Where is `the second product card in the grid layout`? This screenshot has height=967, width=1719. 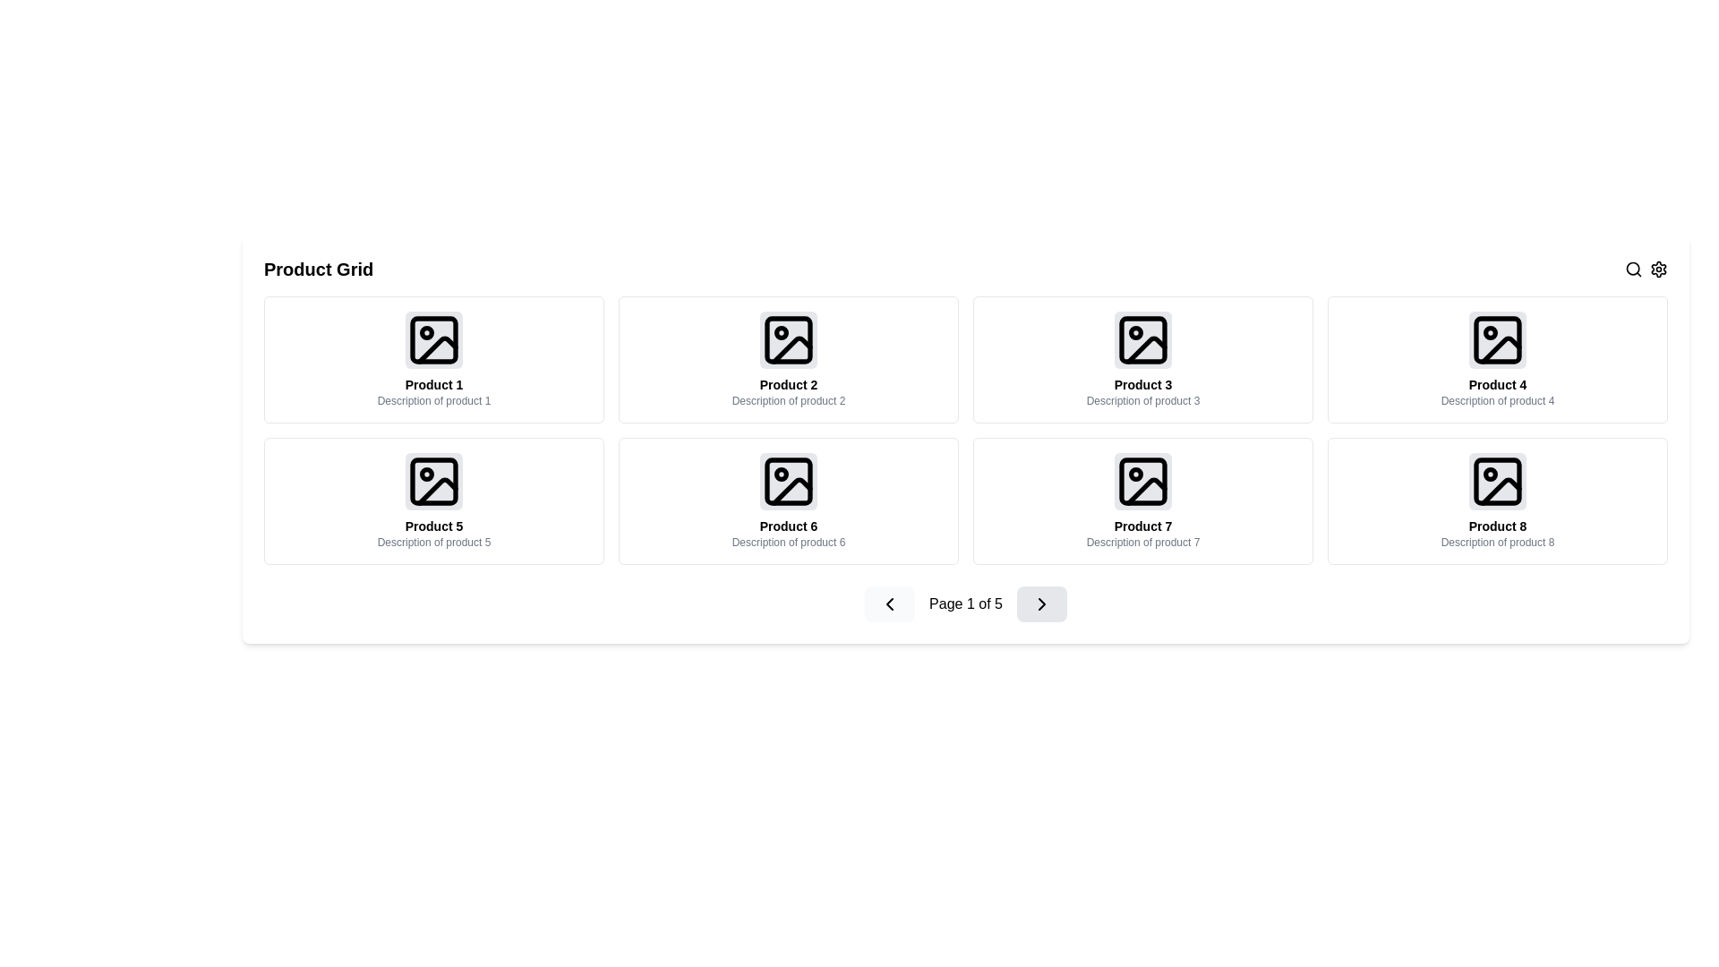
the second product card in the grid layout is located at coordinates (788, 359).